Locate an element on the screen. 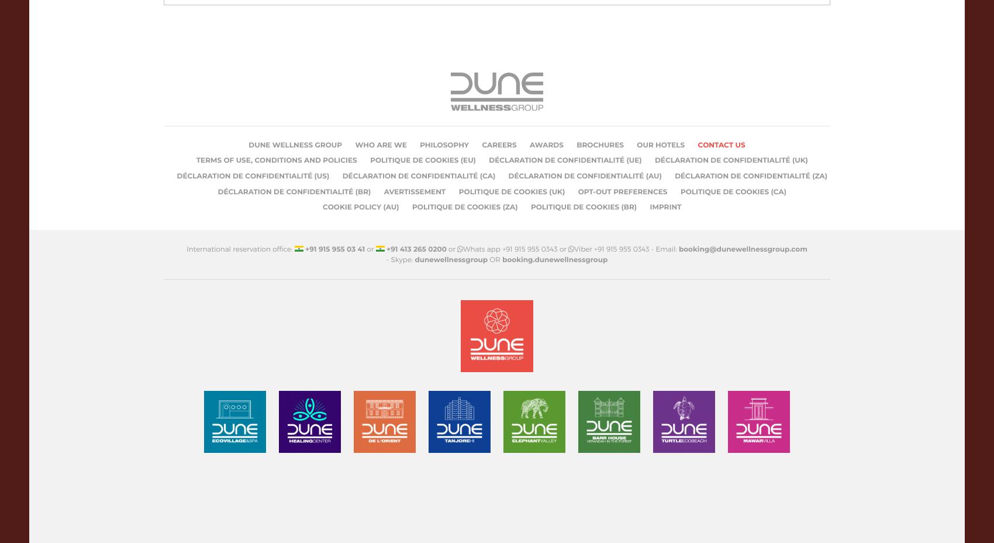 The image size is (994, 543). 'Dune Wellness Group' is located at coordinates (248, 144).